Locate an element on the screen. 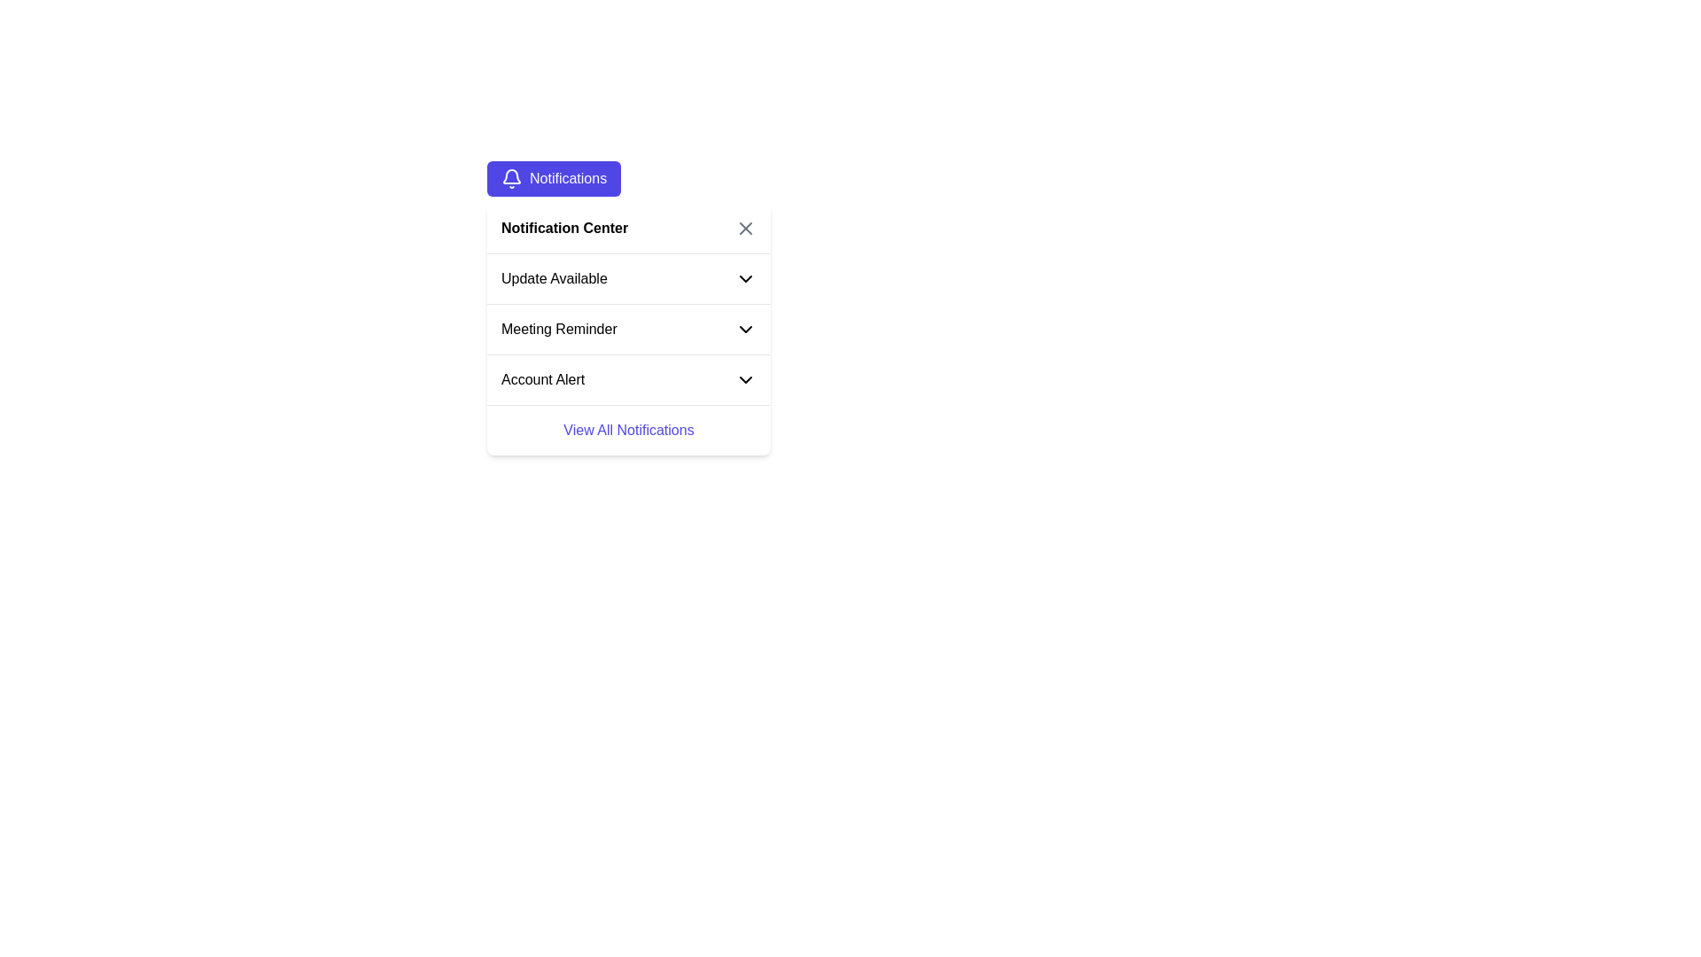 This screenshot has height=957, width=1701. the downward-facing chevron icon associated with the 'Account Alert' section to trigger its default functionality is located at coordinates (745, 378).